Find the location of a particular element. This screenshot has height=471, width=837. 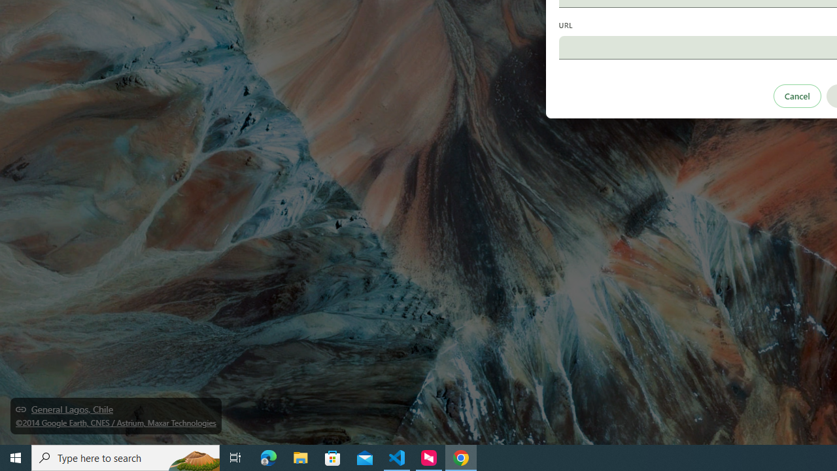

'Cancel' is located at coordinates (796, 95).